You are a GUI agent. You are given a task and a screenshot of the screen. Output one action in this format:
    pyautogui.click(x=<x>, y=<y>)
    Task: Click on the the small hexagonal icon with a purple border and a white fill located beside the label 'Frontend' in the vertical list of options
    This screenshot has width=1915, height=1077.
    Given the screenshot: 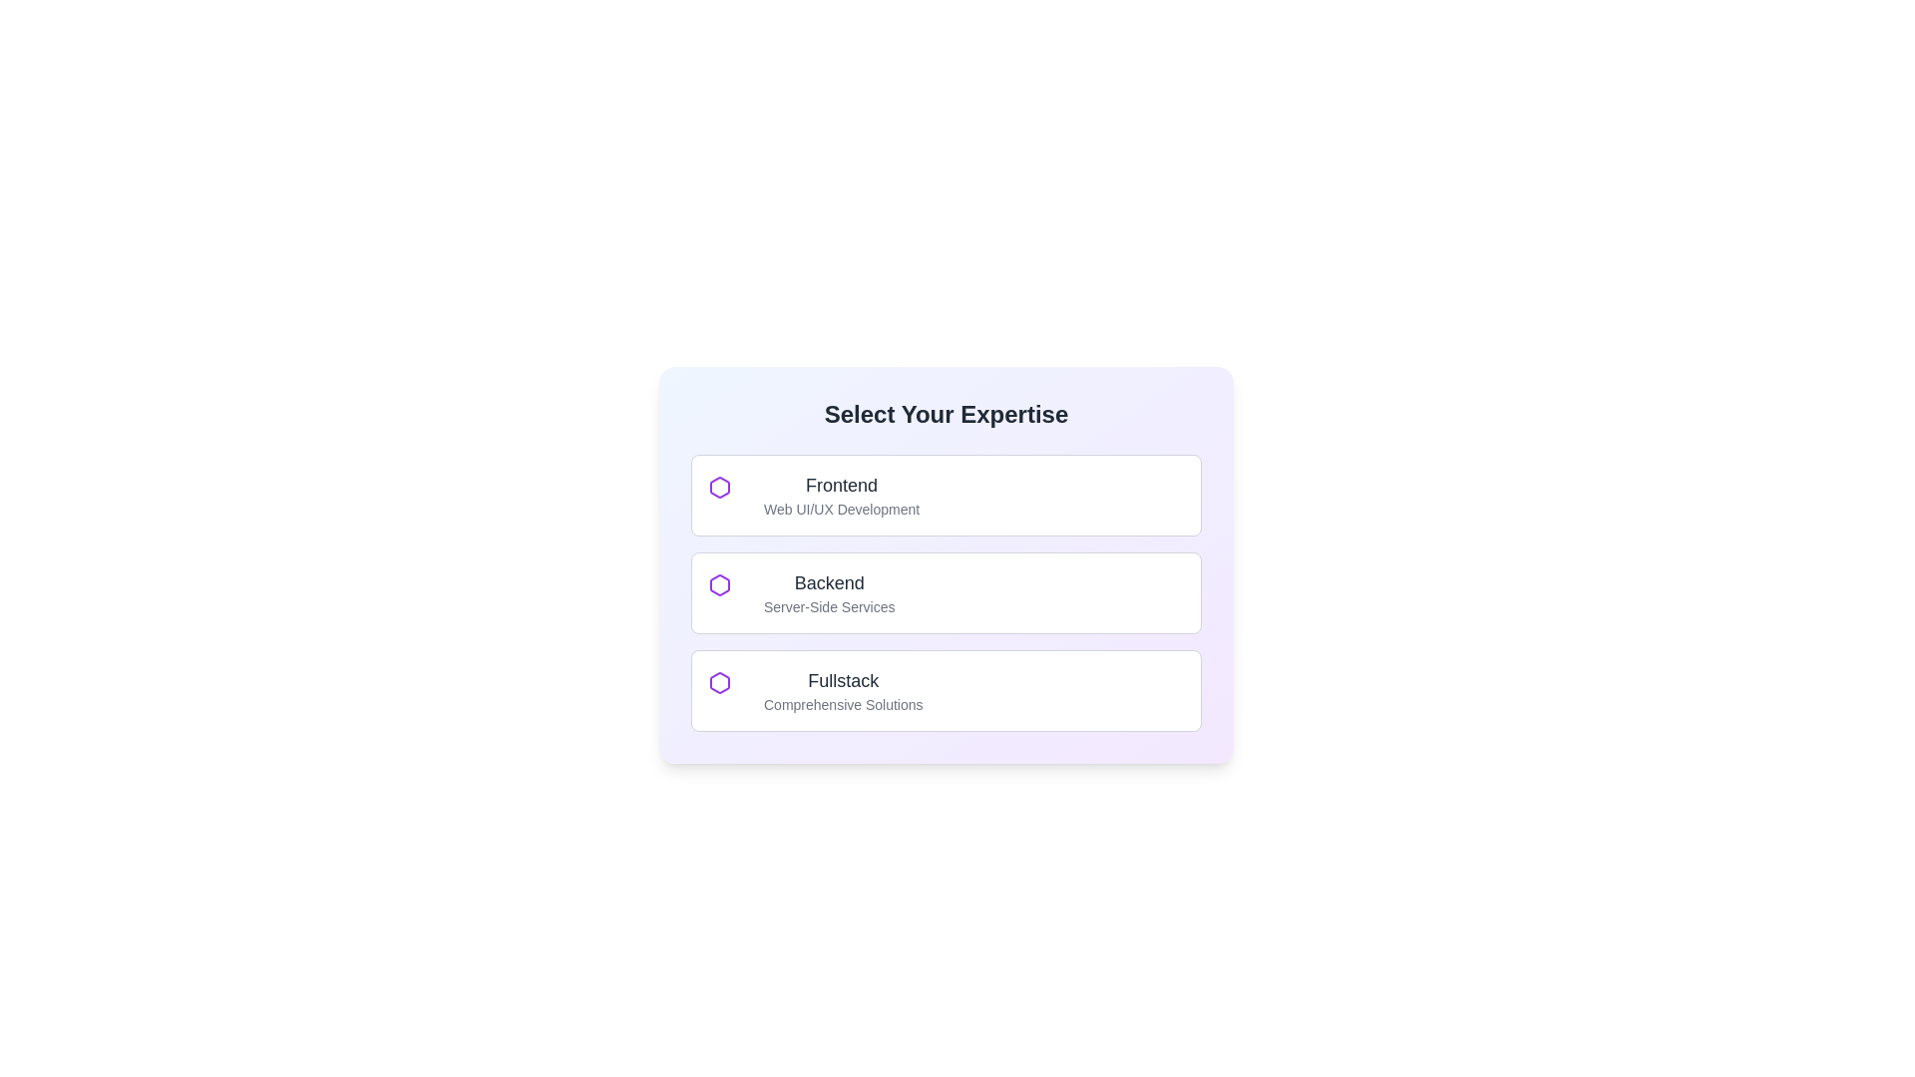 What is the action you would take?
    pyautogui.click(x=718, y=488)
    